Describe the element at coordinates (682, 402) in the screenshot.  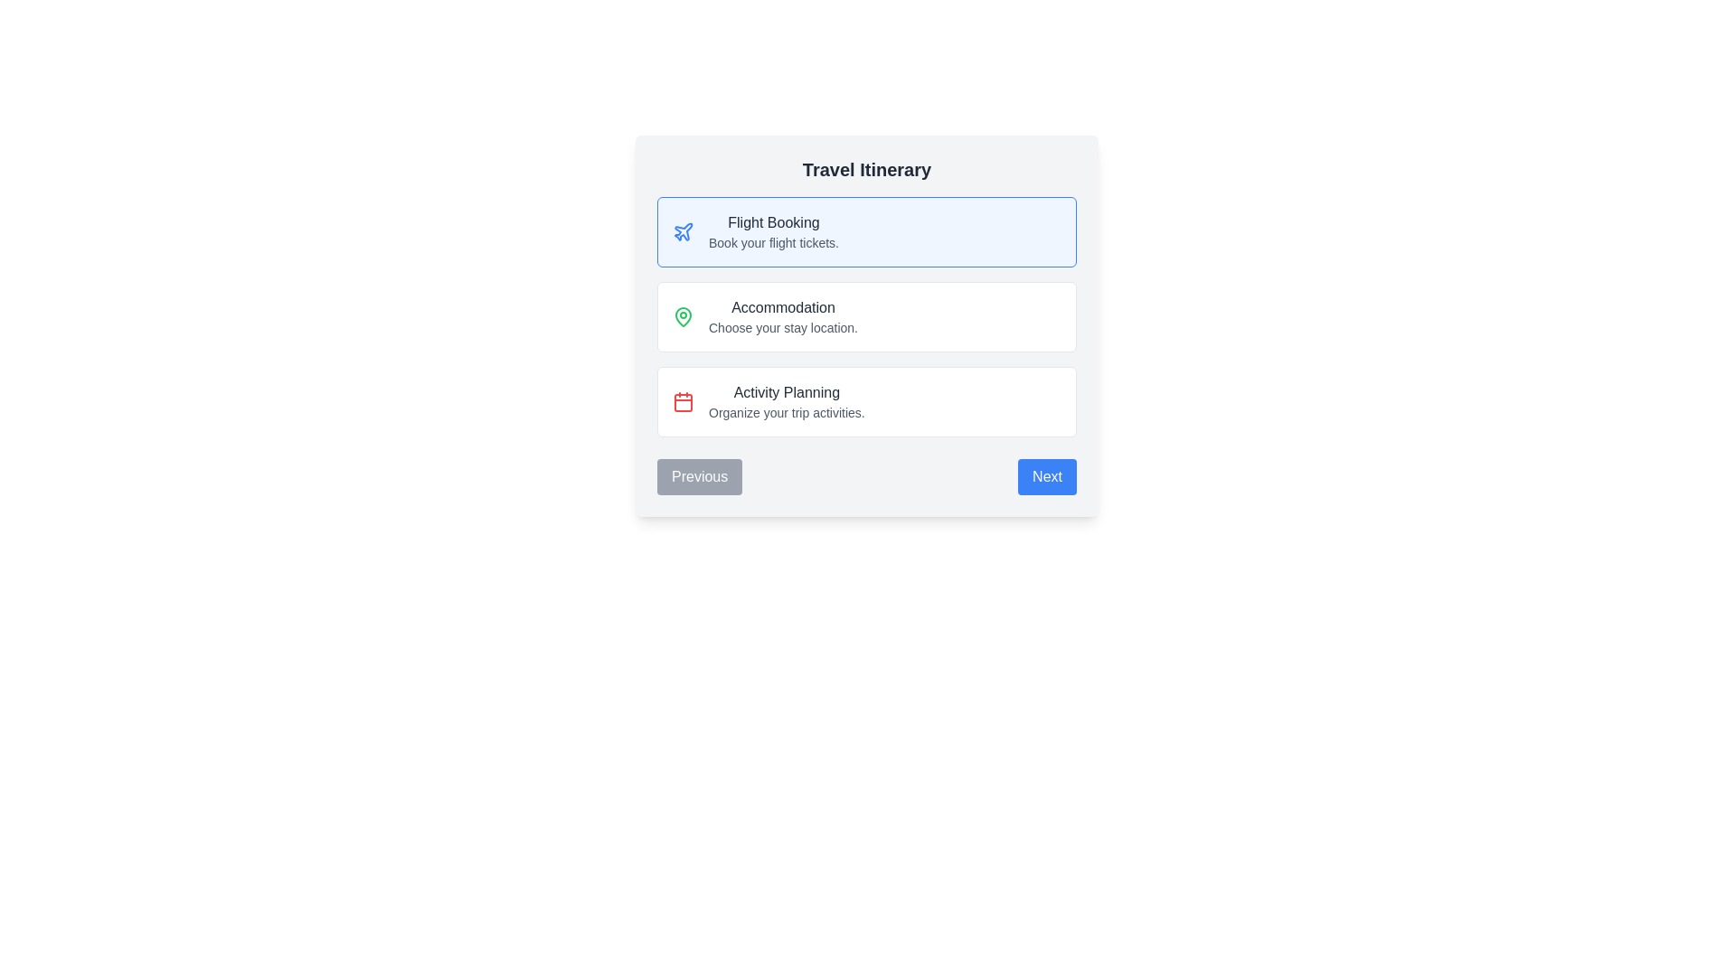
I see `the core of the red calendar icon, which is positioned to the left of the 'Activity Planning' text description` at that location.